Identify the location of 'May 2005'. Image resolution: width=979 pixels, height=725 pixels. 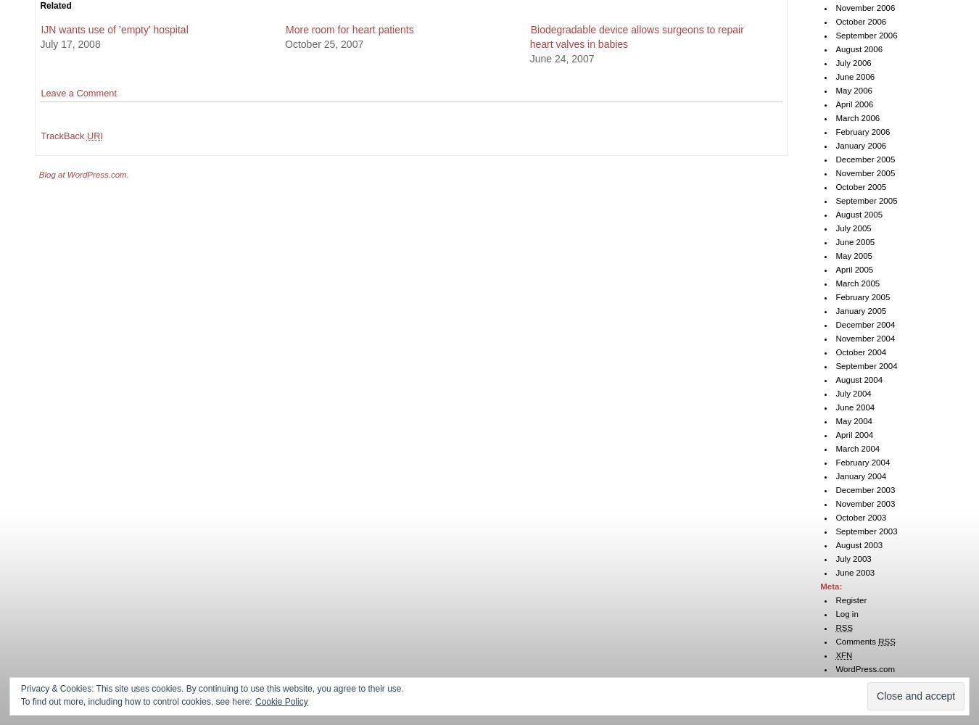
(853, 255).